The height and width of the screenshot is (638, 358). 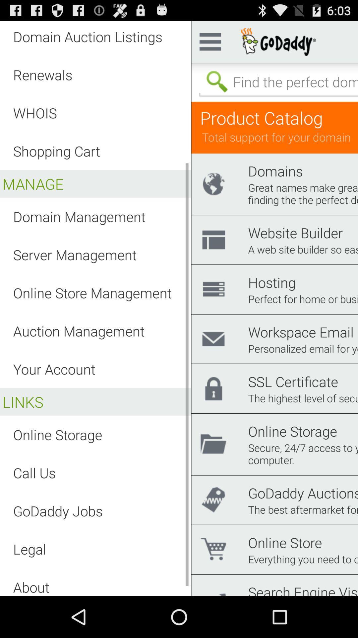 What do you see at coordinates (293, 381) in the screenshot?
I see `ssl certificate item` at bounding box center [293, 381].